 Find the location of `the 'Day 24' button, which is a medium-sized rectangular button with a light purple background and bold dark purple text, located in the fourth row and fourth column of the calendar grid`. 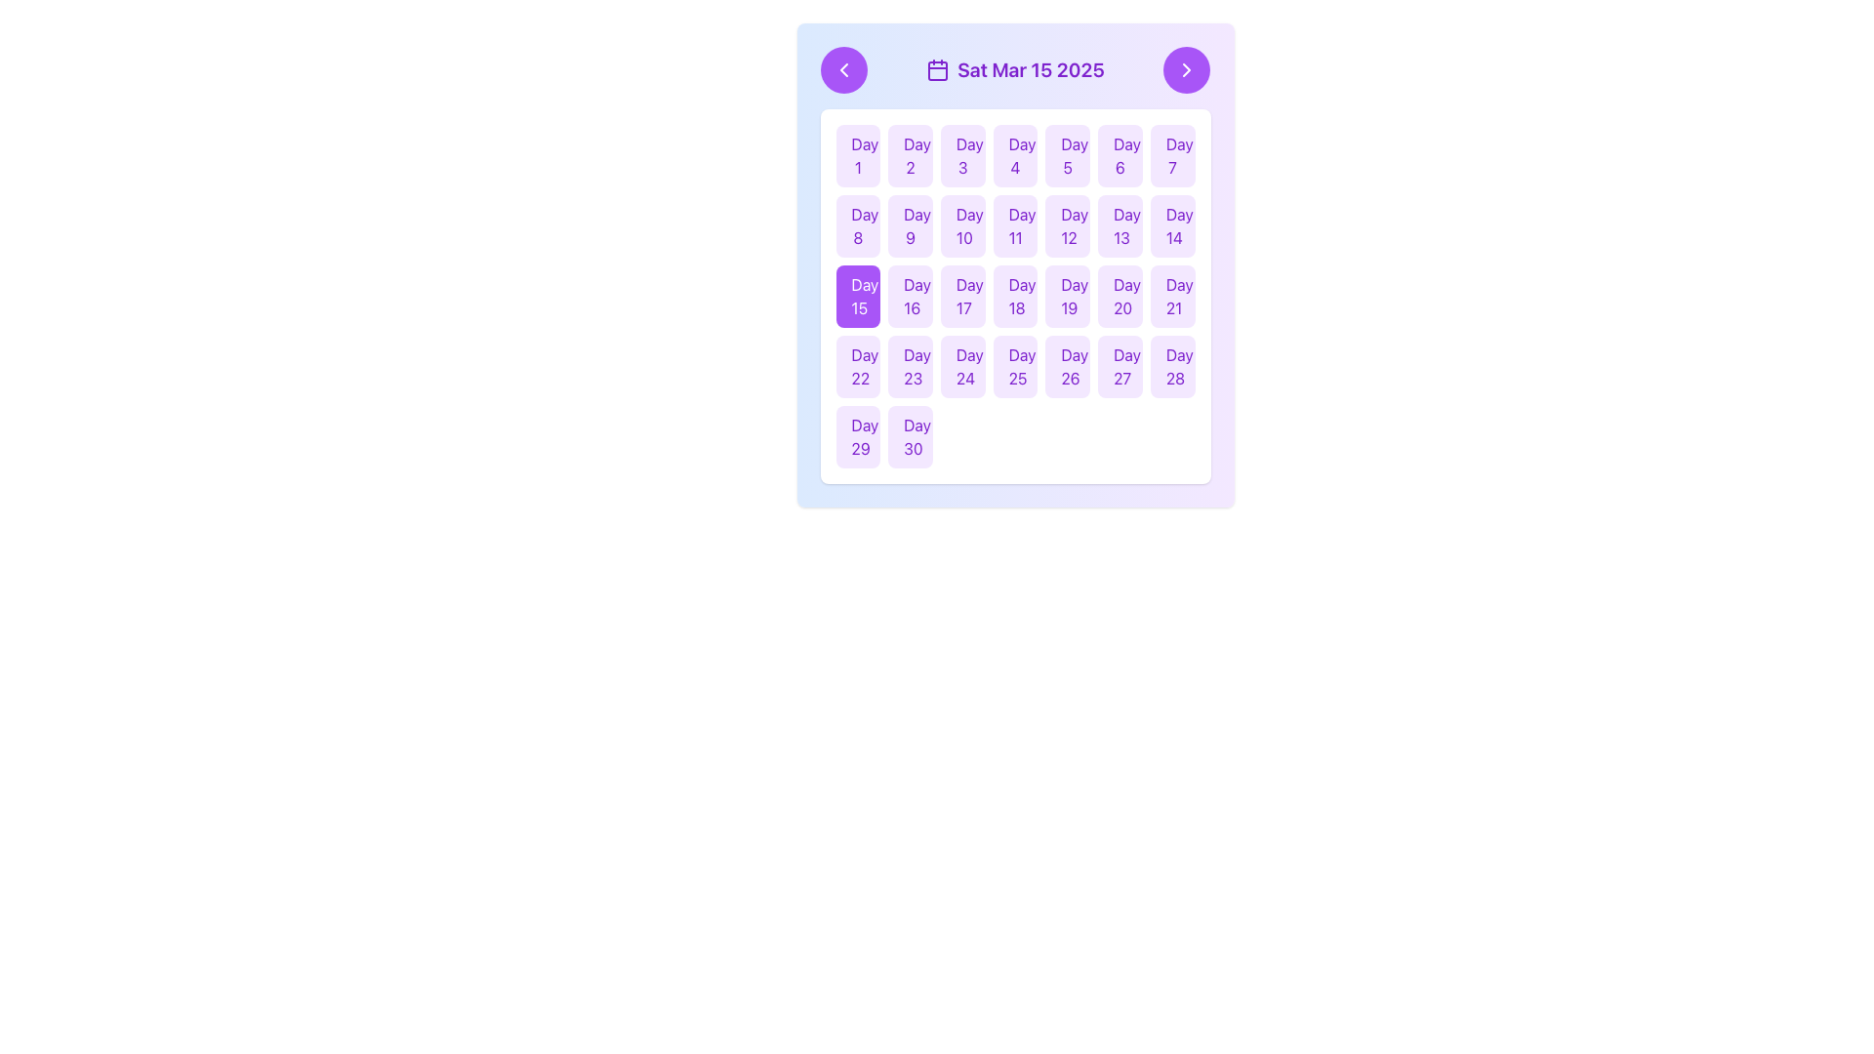

the 'Day 24' button, which is a medium-sized rectangular button with a light purple background and bold dark purple text, located in the fourth row and fourth column of the calendar grid is located at coordinates (962, 366).